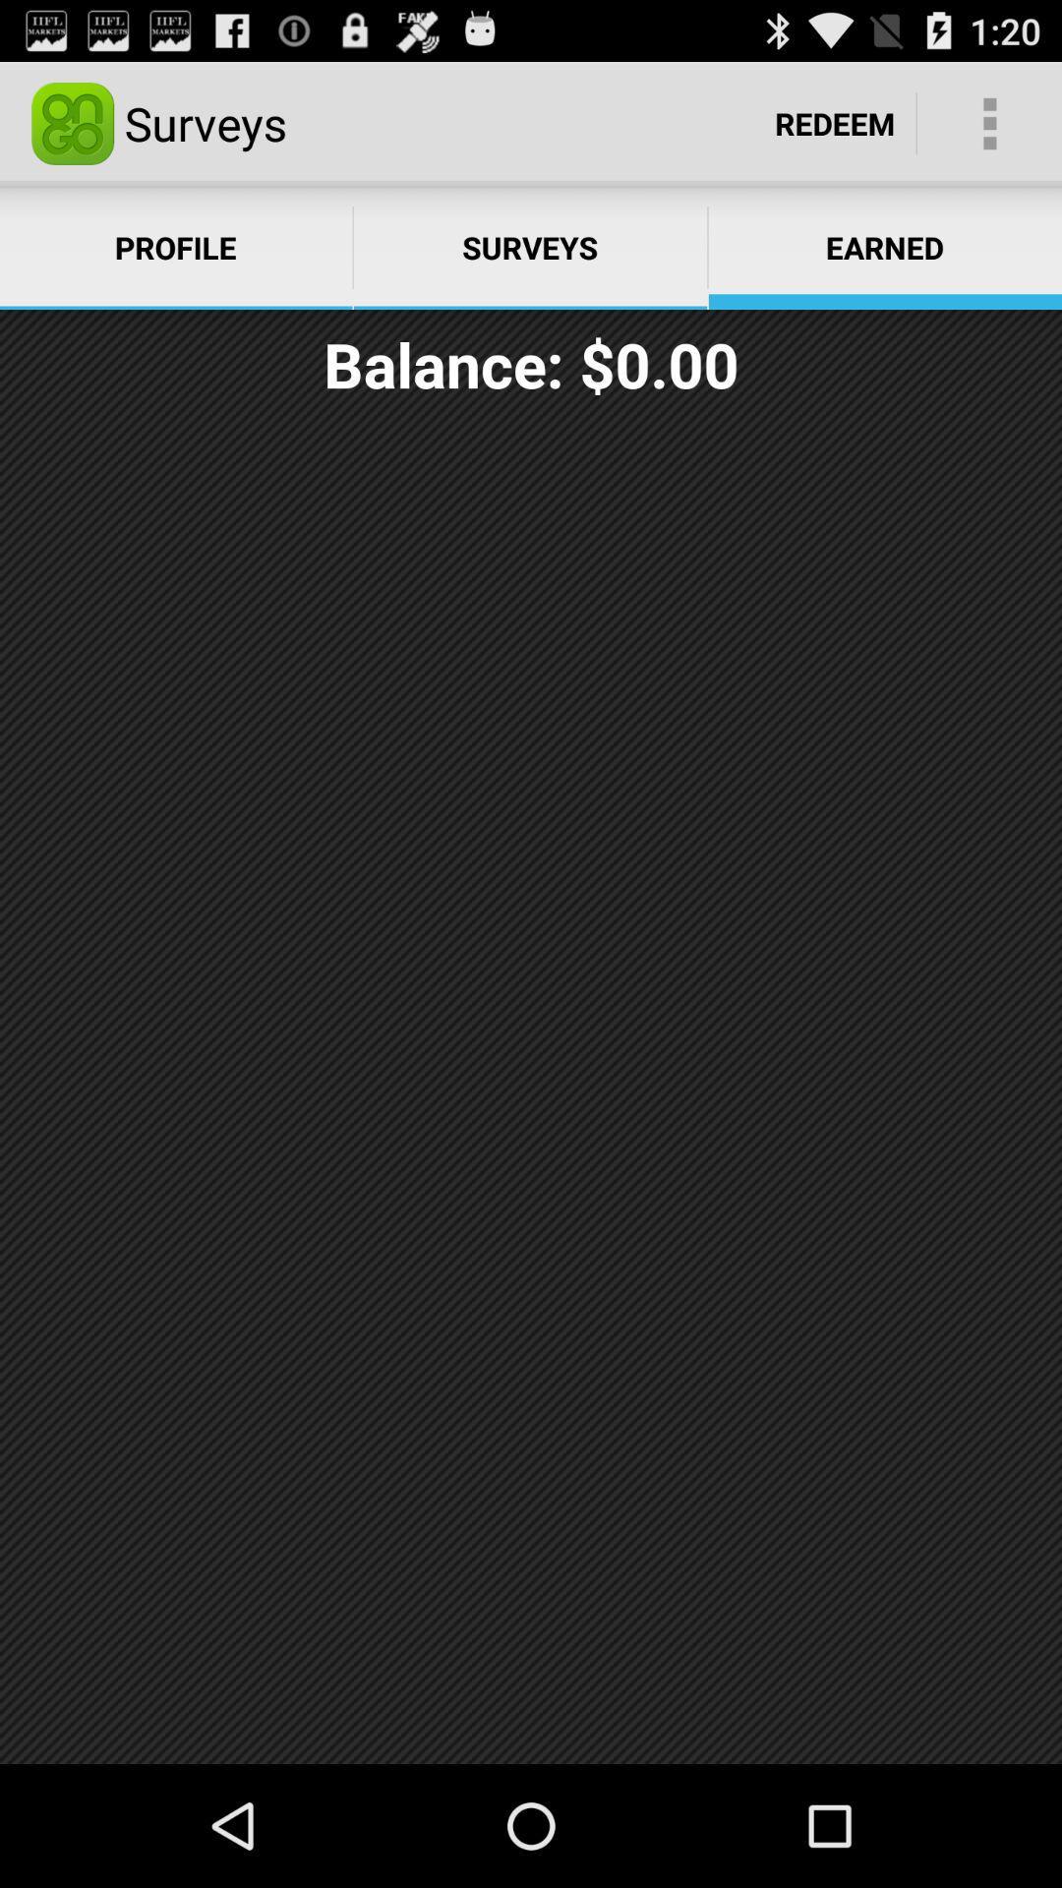 The height and width of the screenshot is (1888, 1062). I want to click on the icon next to the redeem item, so click(989, 122).